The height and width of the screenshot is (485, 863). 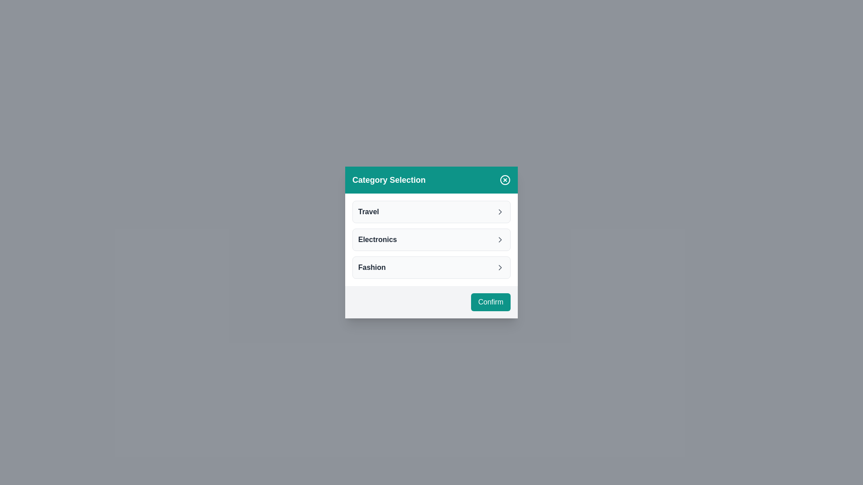 I want to click on the category labeled Travel to expand it, so click(x=431, y=212).